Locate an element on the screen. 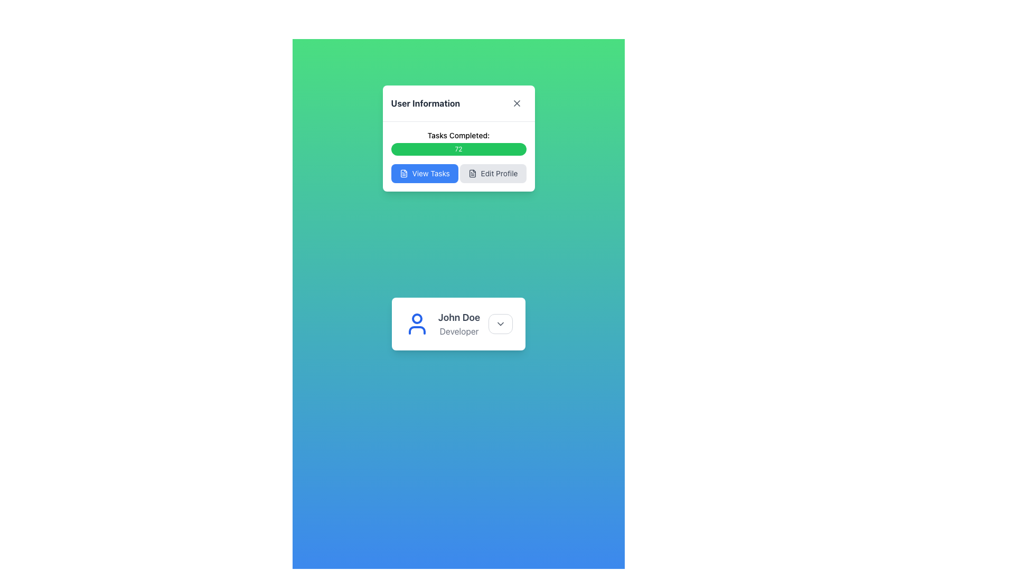  the 'User Information' text label in bold dark gray located at the top of the popup card is located at coordinates (425, 103).